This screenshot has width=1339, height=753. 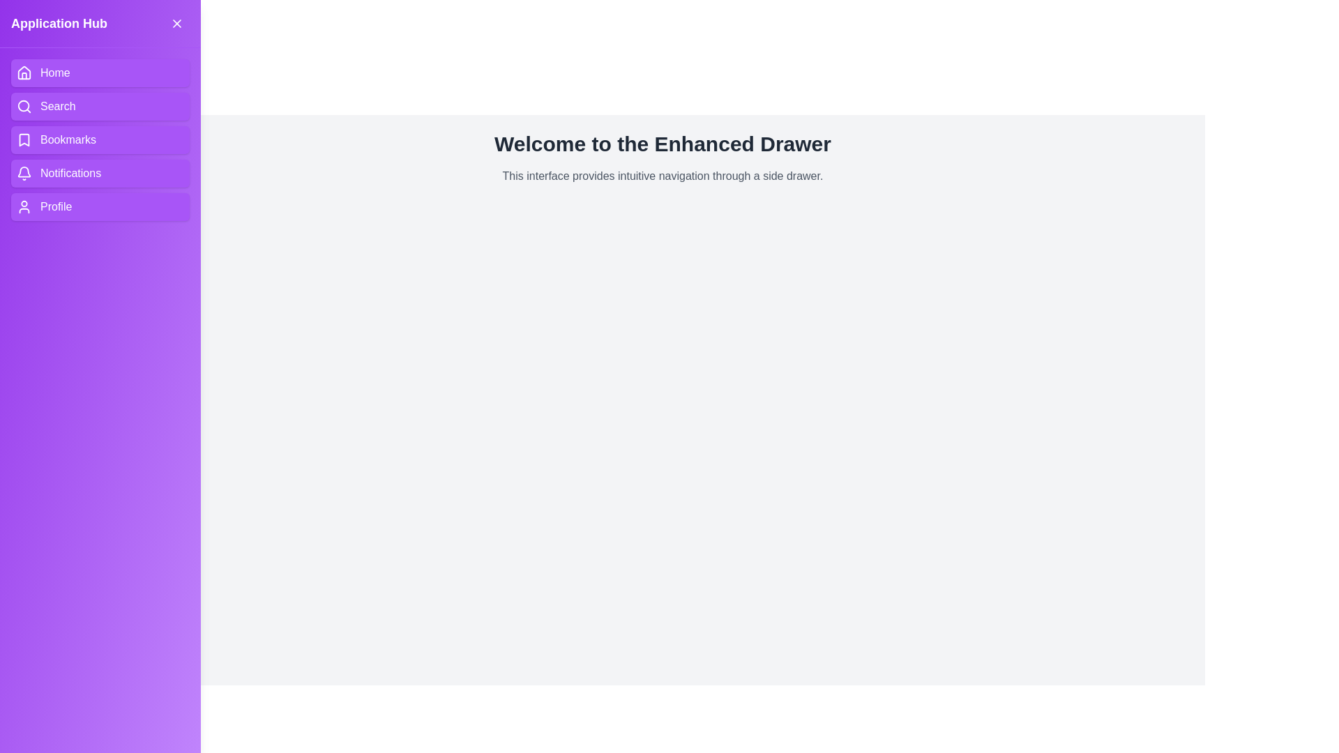 I want to click on the navigation item Home in the drawer to navigate to the corresponding section, so click(x=100, y=73).